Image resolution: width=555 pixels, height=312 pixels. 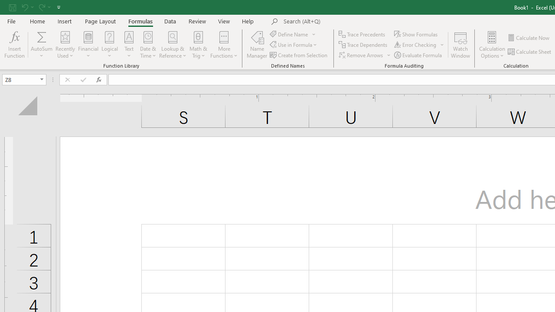 I want to click on 'Trace Dependents', so click(x=364, y=45).